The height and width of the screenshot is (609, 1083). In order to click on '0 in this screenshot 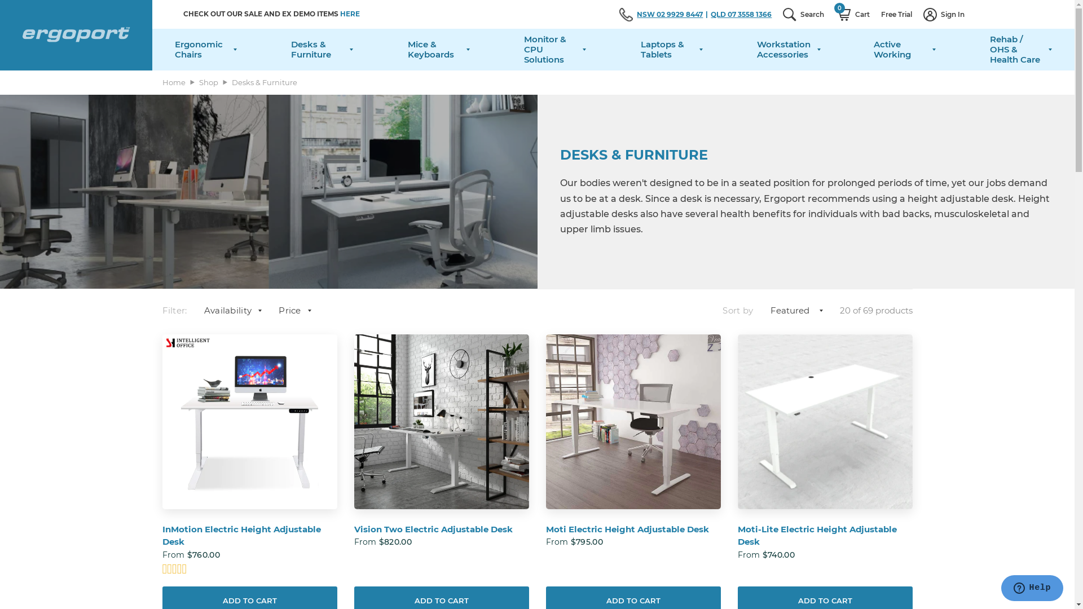, I will do `click(852, 14)`.